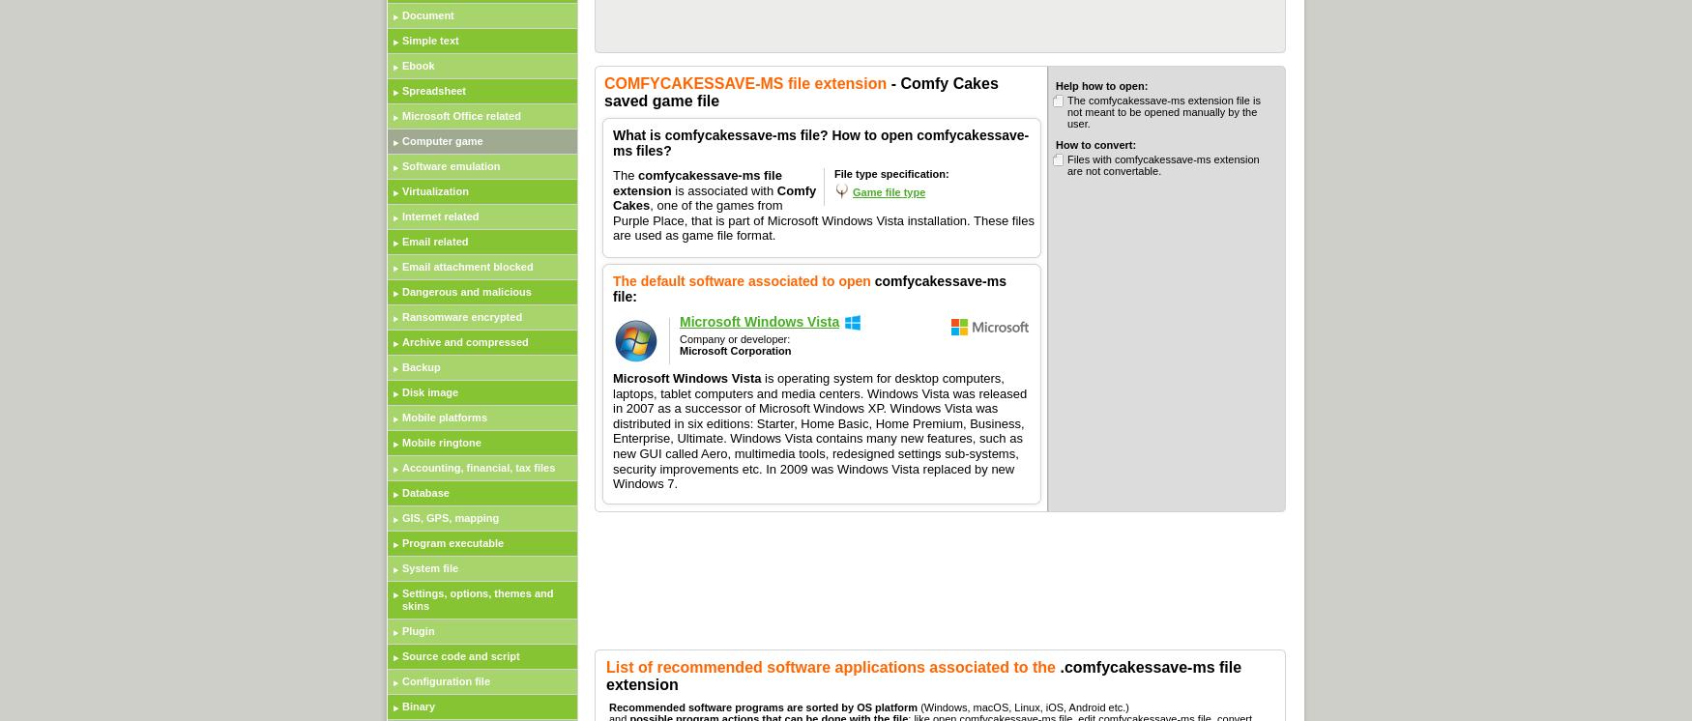 The image size is (1692, 721). What do you see at coordinates (427, 14) in the screenshot?
I see `'Document'` at bounding box center [427, 14].